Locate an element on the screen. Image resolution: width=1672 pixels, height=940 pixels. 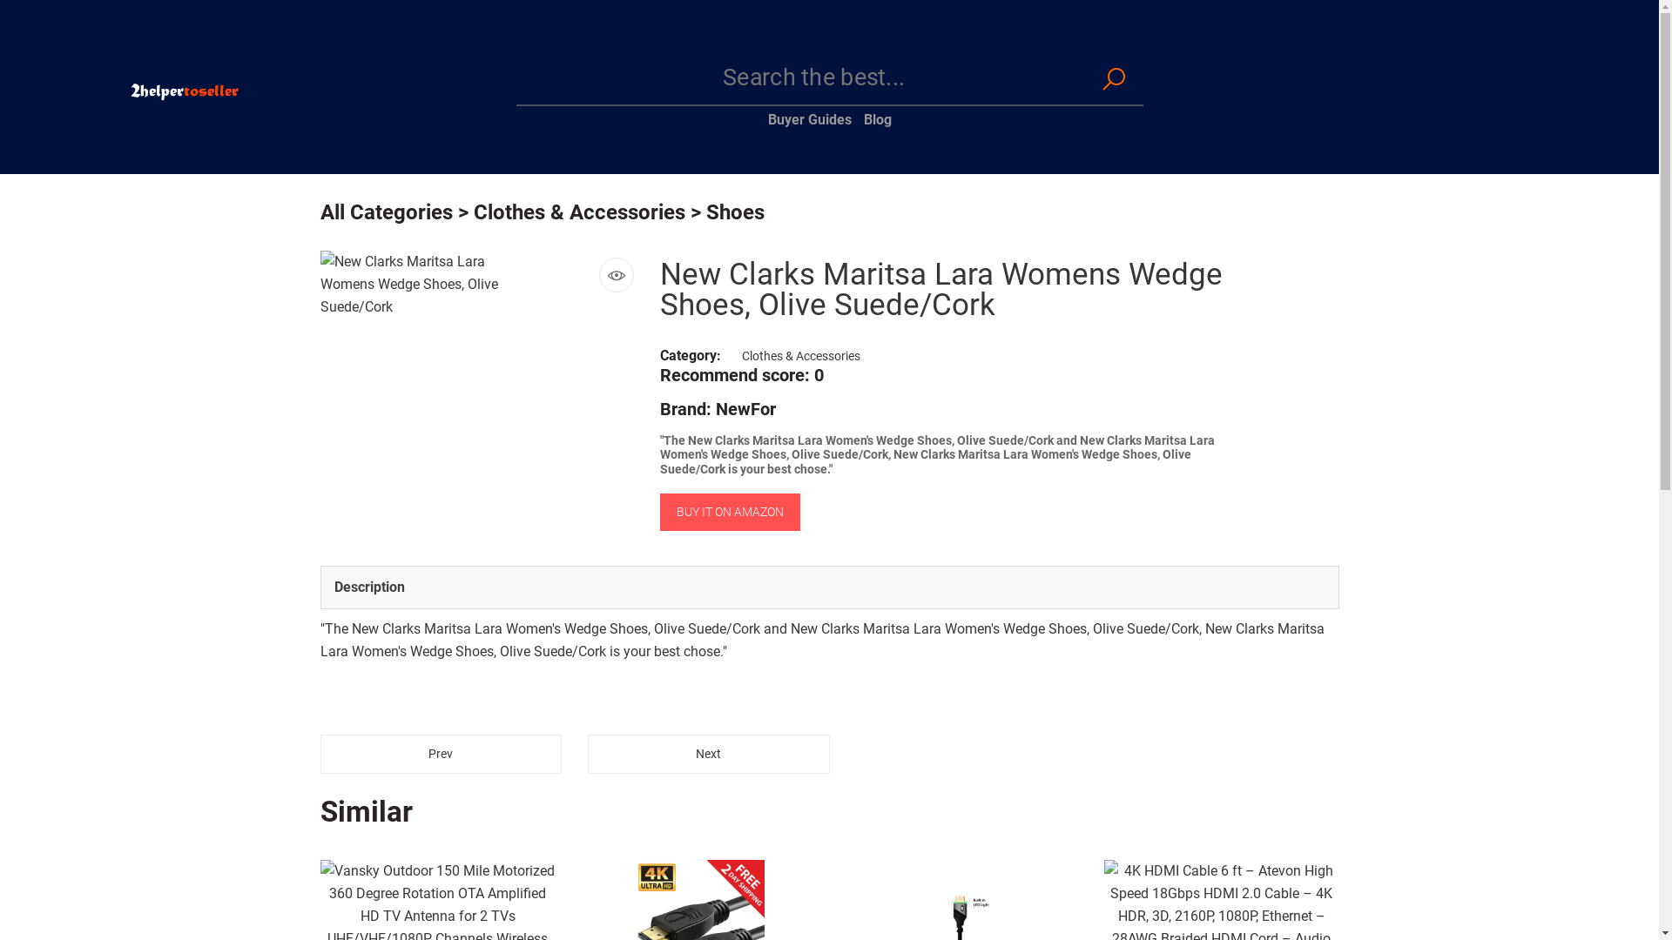
'Prev' is located at coordinates (442, 753).